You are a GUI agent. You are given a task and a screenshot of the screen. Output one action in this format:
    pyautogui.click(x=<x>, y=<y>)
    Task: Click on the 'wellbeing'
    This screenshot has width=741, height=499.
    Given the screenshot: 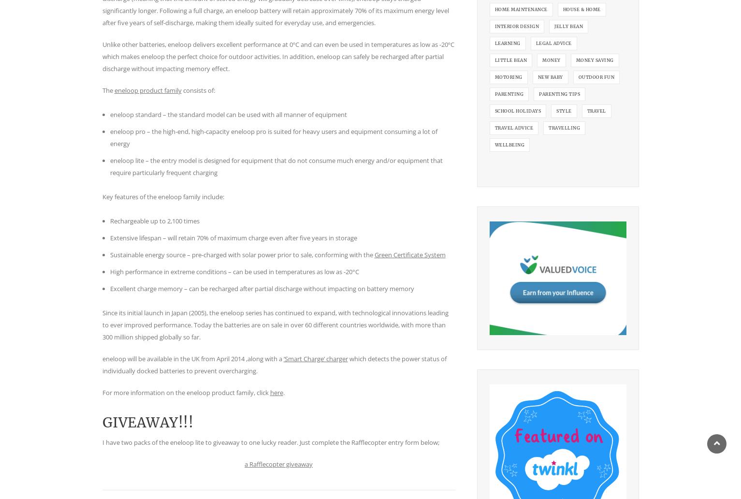 What is the action you would take?
    pyautogui.click(x=509, y=144)
    